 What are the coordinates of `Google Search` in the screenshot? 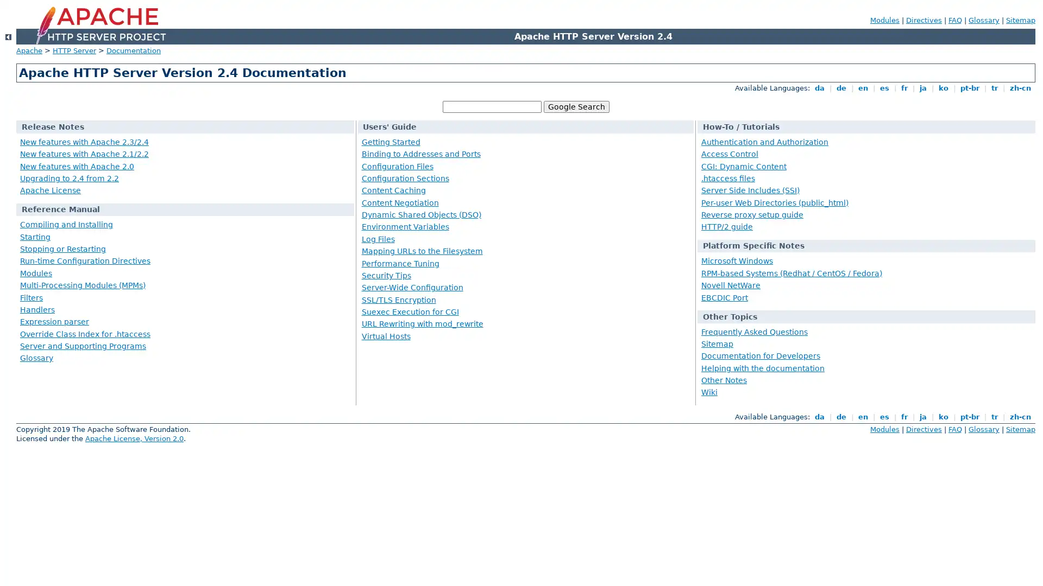 It's located at (575, 106).